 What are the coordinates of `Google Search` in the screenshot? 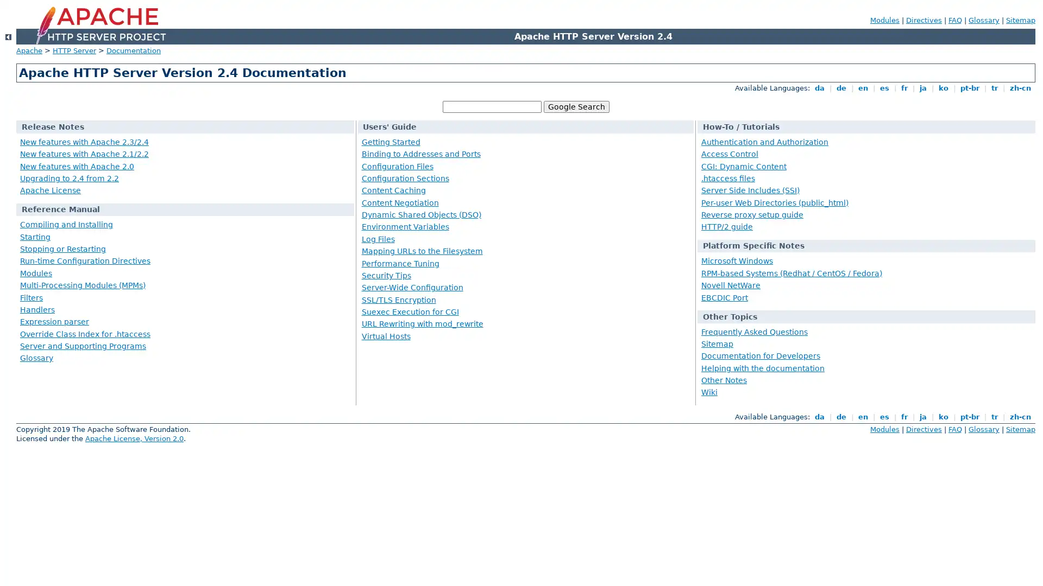 It's located at (575, 106).